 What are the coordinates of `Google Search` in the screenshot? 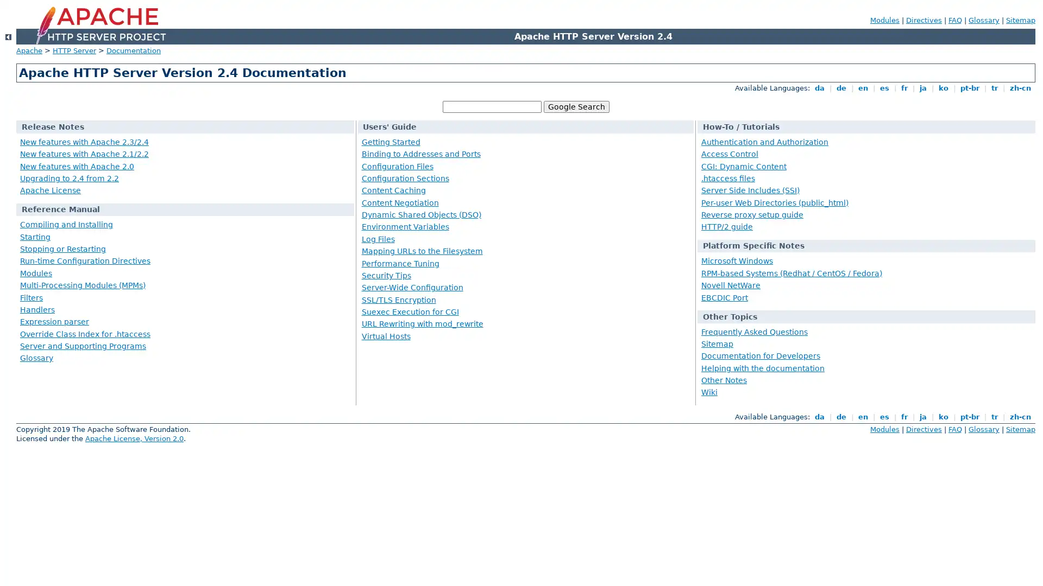 It's located at (575, 106).